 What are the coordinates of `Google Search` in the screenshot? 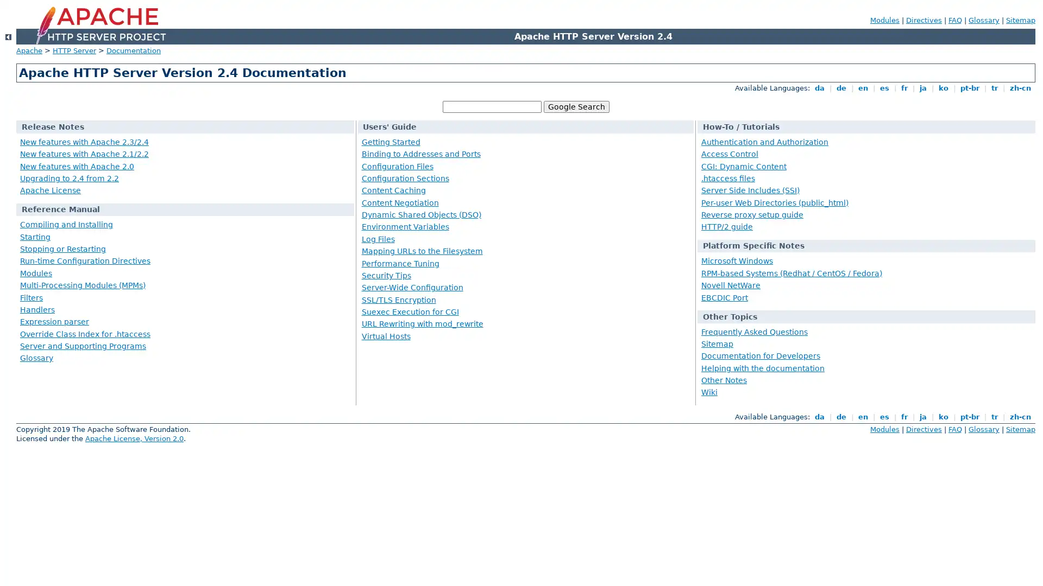 It's located at (575, 106).